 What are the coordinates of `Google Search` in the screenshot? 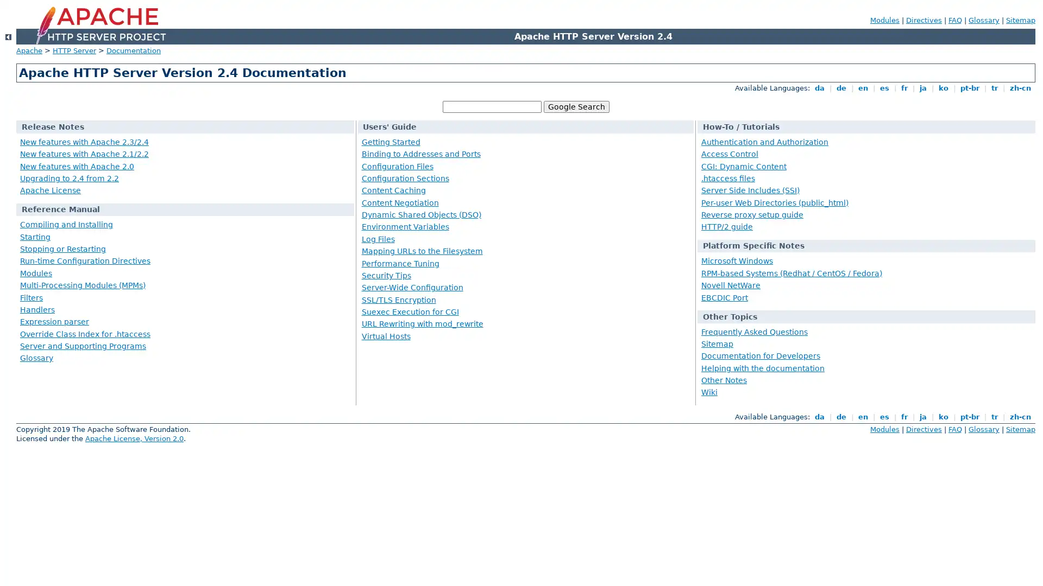 It's located at (575, 106).